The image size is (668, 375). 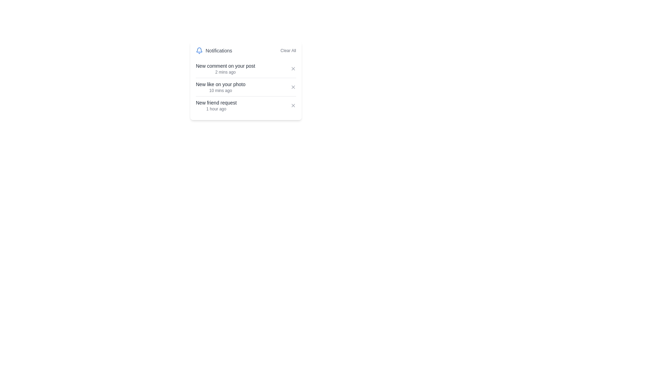 I want to click on text displayed in the text label showing 'New friend request', which is the first line of text in the third notification entry within the notifications dropdown, so click(x=216, y=103).